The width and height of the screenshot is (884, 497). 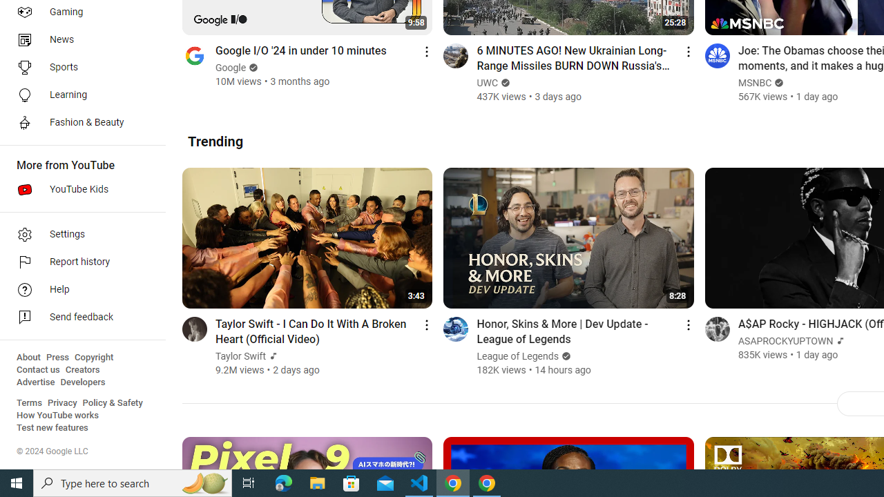 I want to click on 'Advertise', so click(x=35, y=382).